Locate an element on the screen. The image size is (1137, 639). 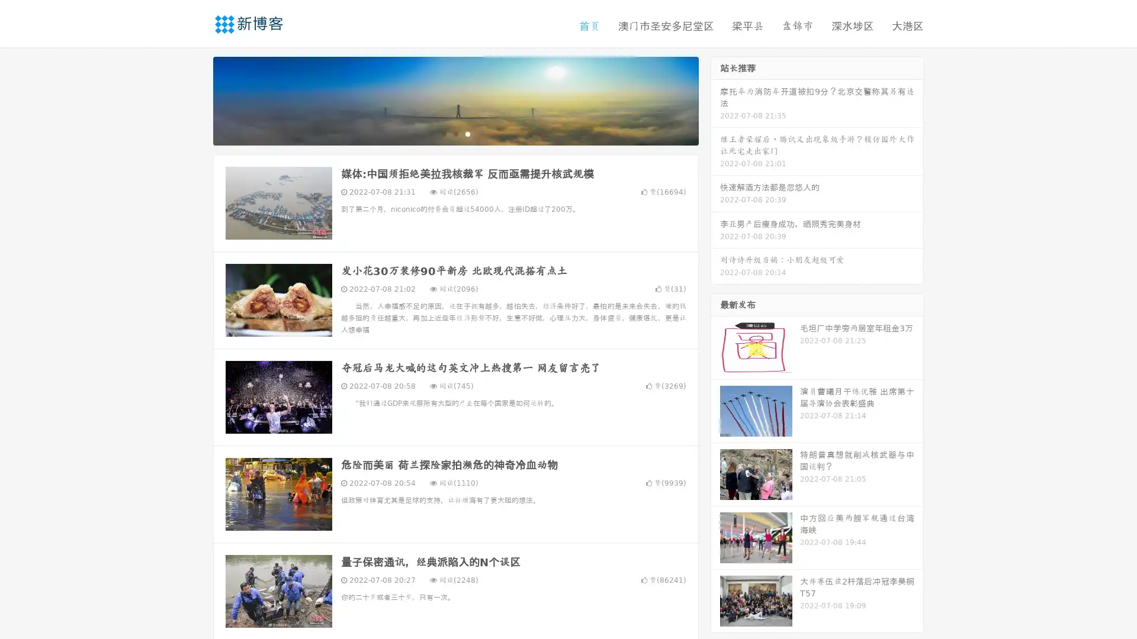
Go to slide 1 is located at coordinates (443, 133).